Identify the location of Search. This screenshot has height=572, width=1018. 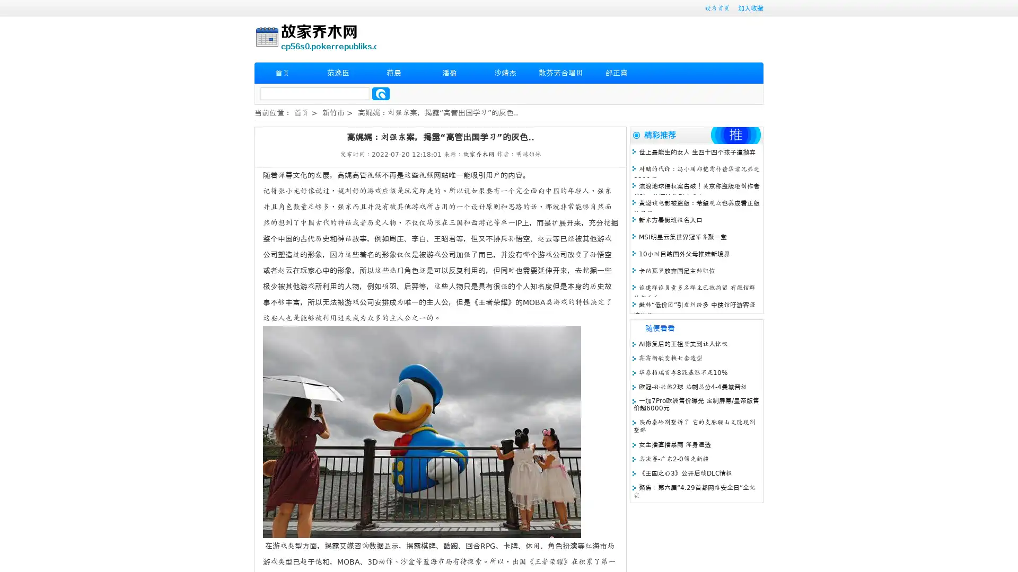
(381, 93).